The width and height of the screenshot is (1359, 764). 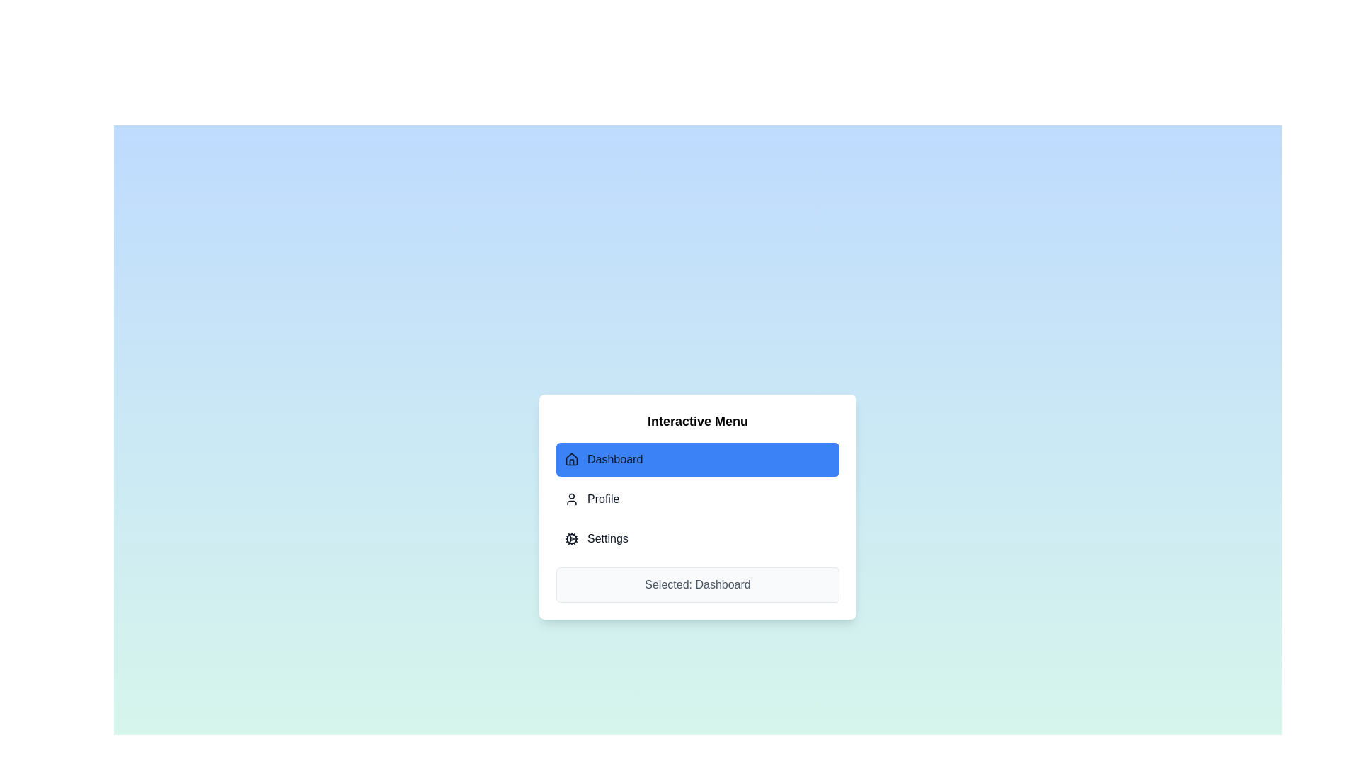 I want to click on the Dashboard tab in the menu, so click(x=697, y=460).